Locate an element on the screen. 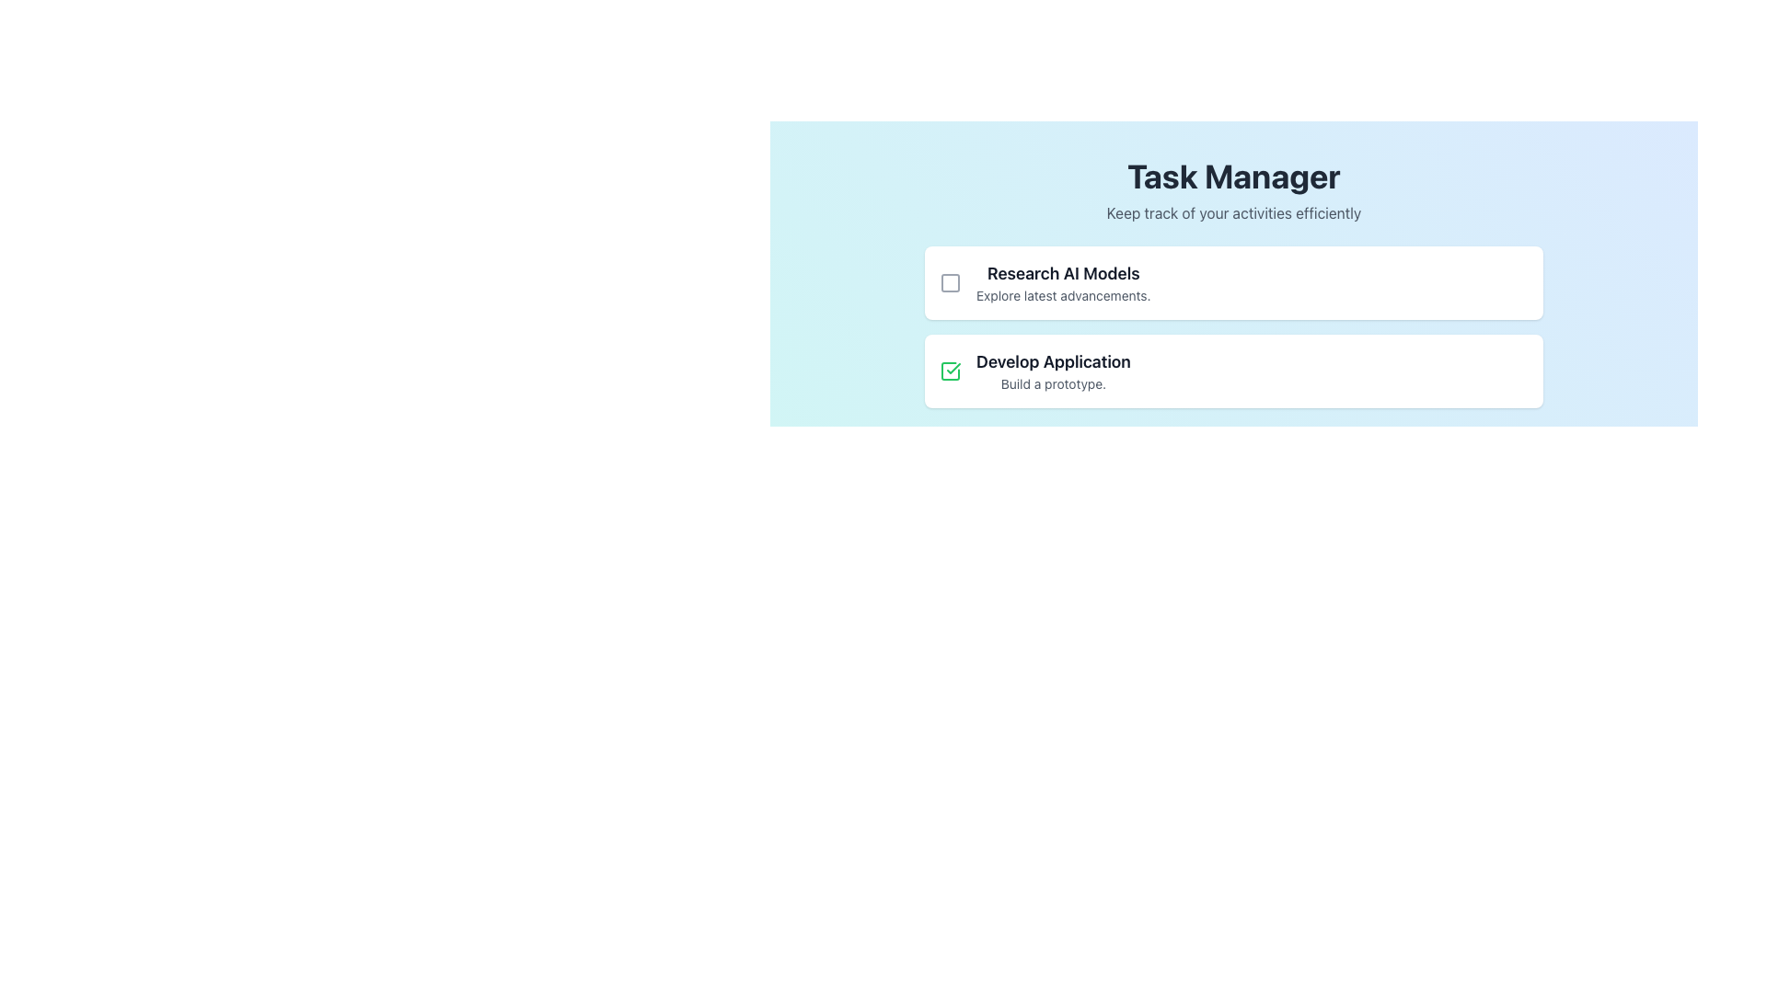 Image resolution: width=1767 pixels, height=993 pixels. the task list item labeled 'Develop Application' with a checkbox is located at coordinates (1233, 371).